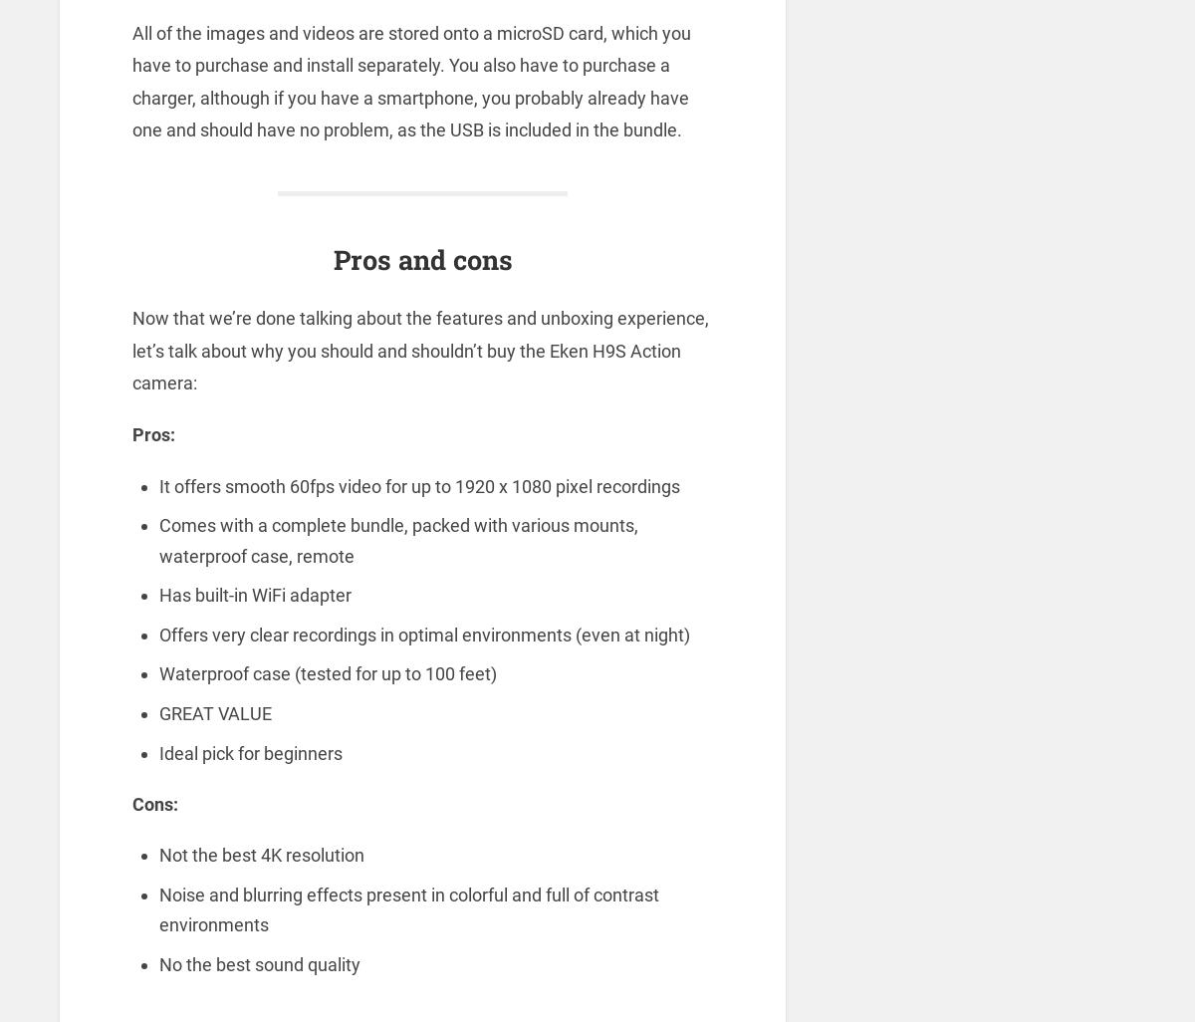 The height and width of the screenshot is (1022, 1195). I want to click on 'Not the best 4K resolution', so click(259, 855).